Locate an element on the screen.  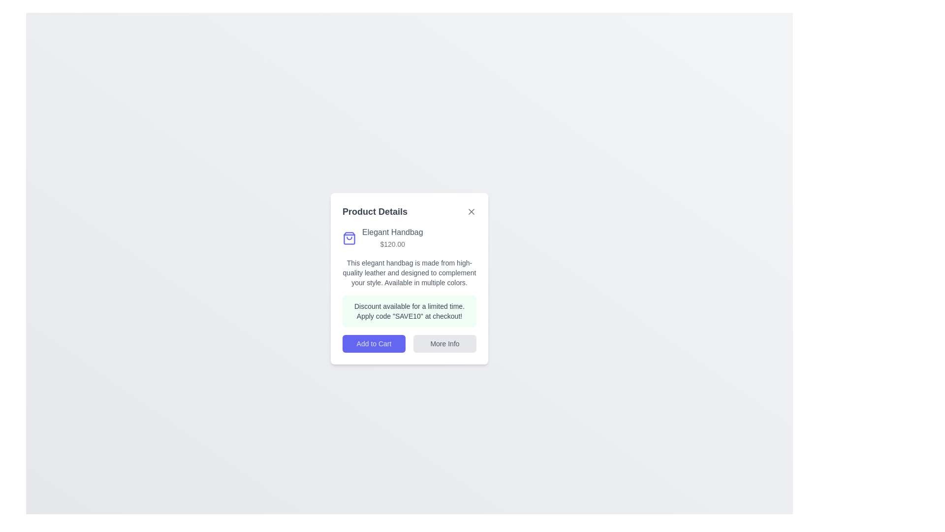
the 'X' icon located in the top-right corner of the 'Product Details' card is located at coordinates (471, 211).